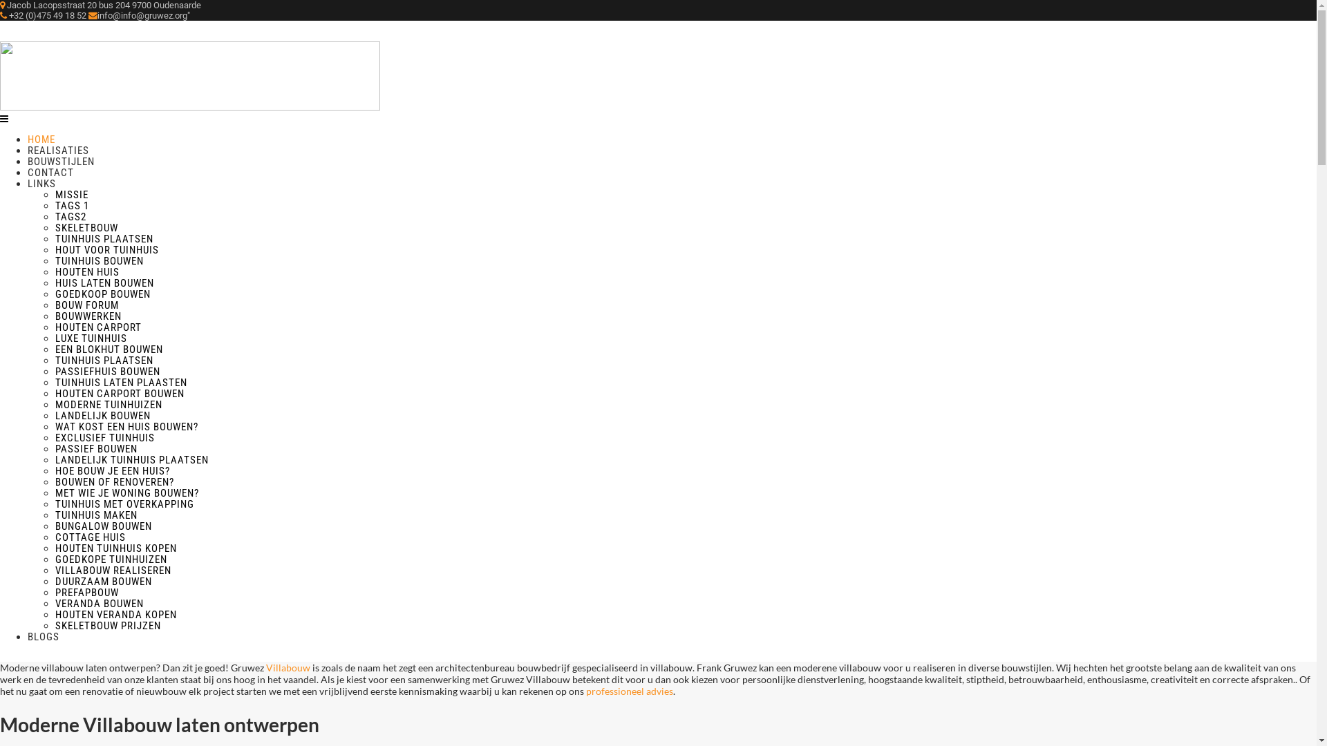 The image size is (1327, 746). I want to click on 'Villabouw', so click(288, 667).